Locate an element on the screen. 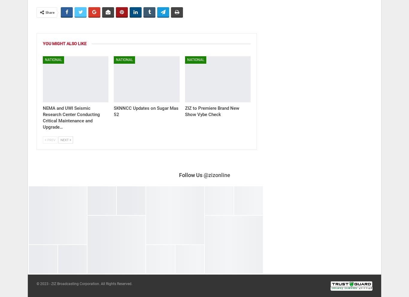 This screenshot has height=297, width=409. 'SKNNCC Updates on Sugar Mas 52' is located at coordinates (146, 111).